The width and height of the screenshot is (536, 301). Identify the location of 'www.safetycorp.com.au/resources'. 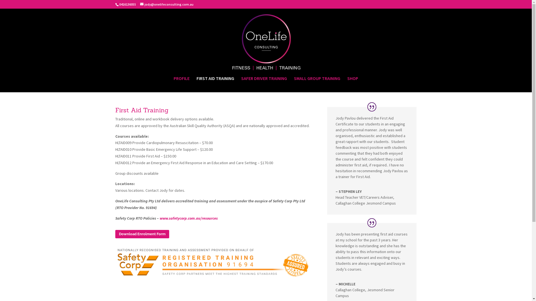
(189, 218).